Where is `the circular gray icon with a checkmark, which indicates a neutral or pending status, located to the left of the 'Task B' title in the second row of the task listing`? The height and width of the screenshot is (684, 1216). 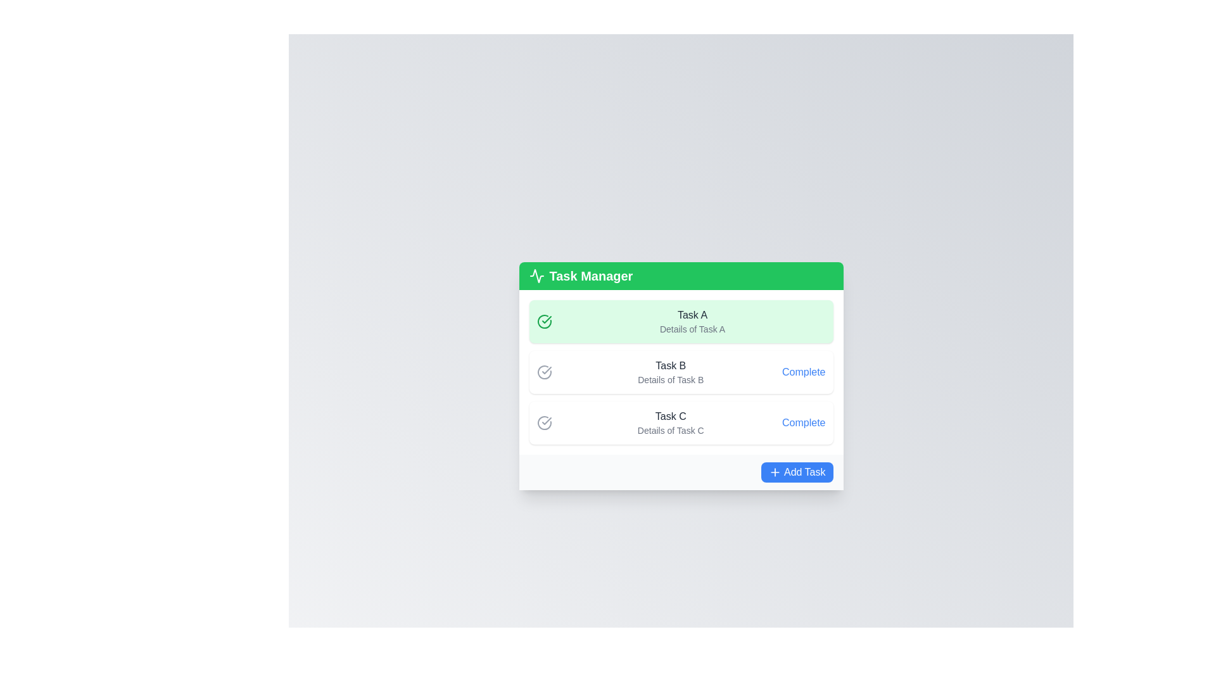 the circular gray icon with a checkmark, which indicates a neutral or pending status, located to the left of the 'Task B' title in the second row of the task listing is located at coordinates (544, 371).